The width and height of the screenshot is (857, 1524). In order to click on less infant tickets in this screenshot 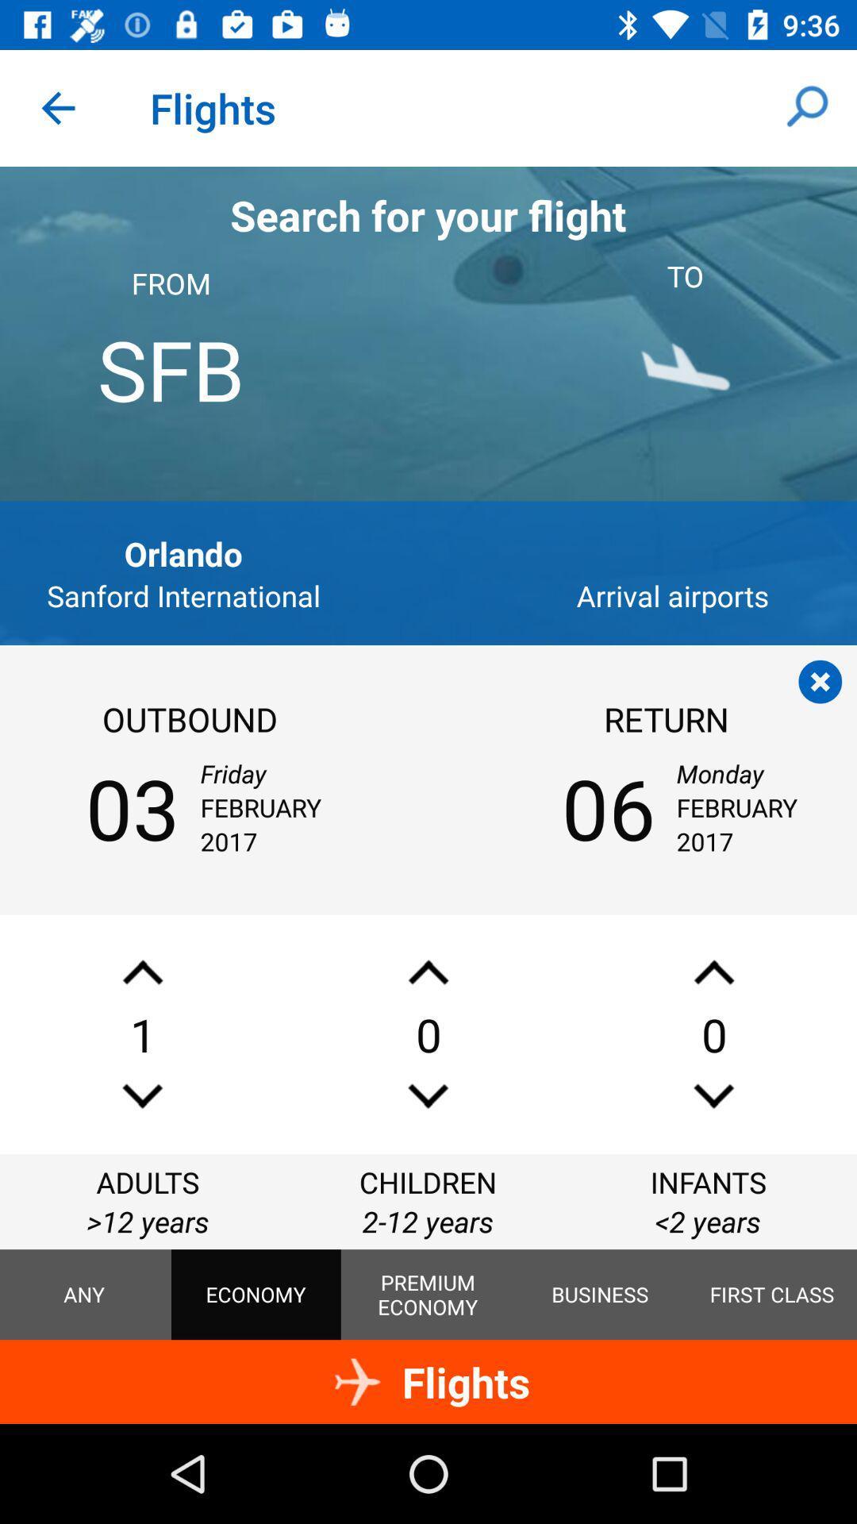, I will do `click(713, 1095)`.